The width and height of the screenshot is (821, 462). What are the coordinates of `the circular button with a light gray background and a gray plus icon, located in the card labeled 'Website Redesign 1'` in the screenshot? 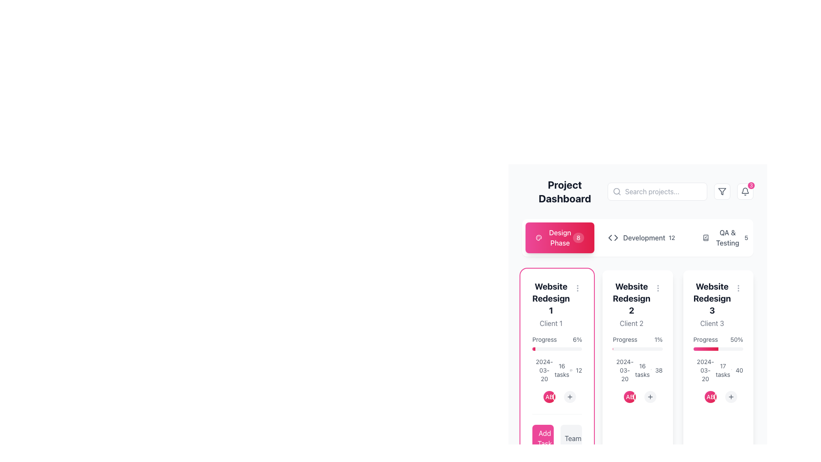 It's located at (570, 397).